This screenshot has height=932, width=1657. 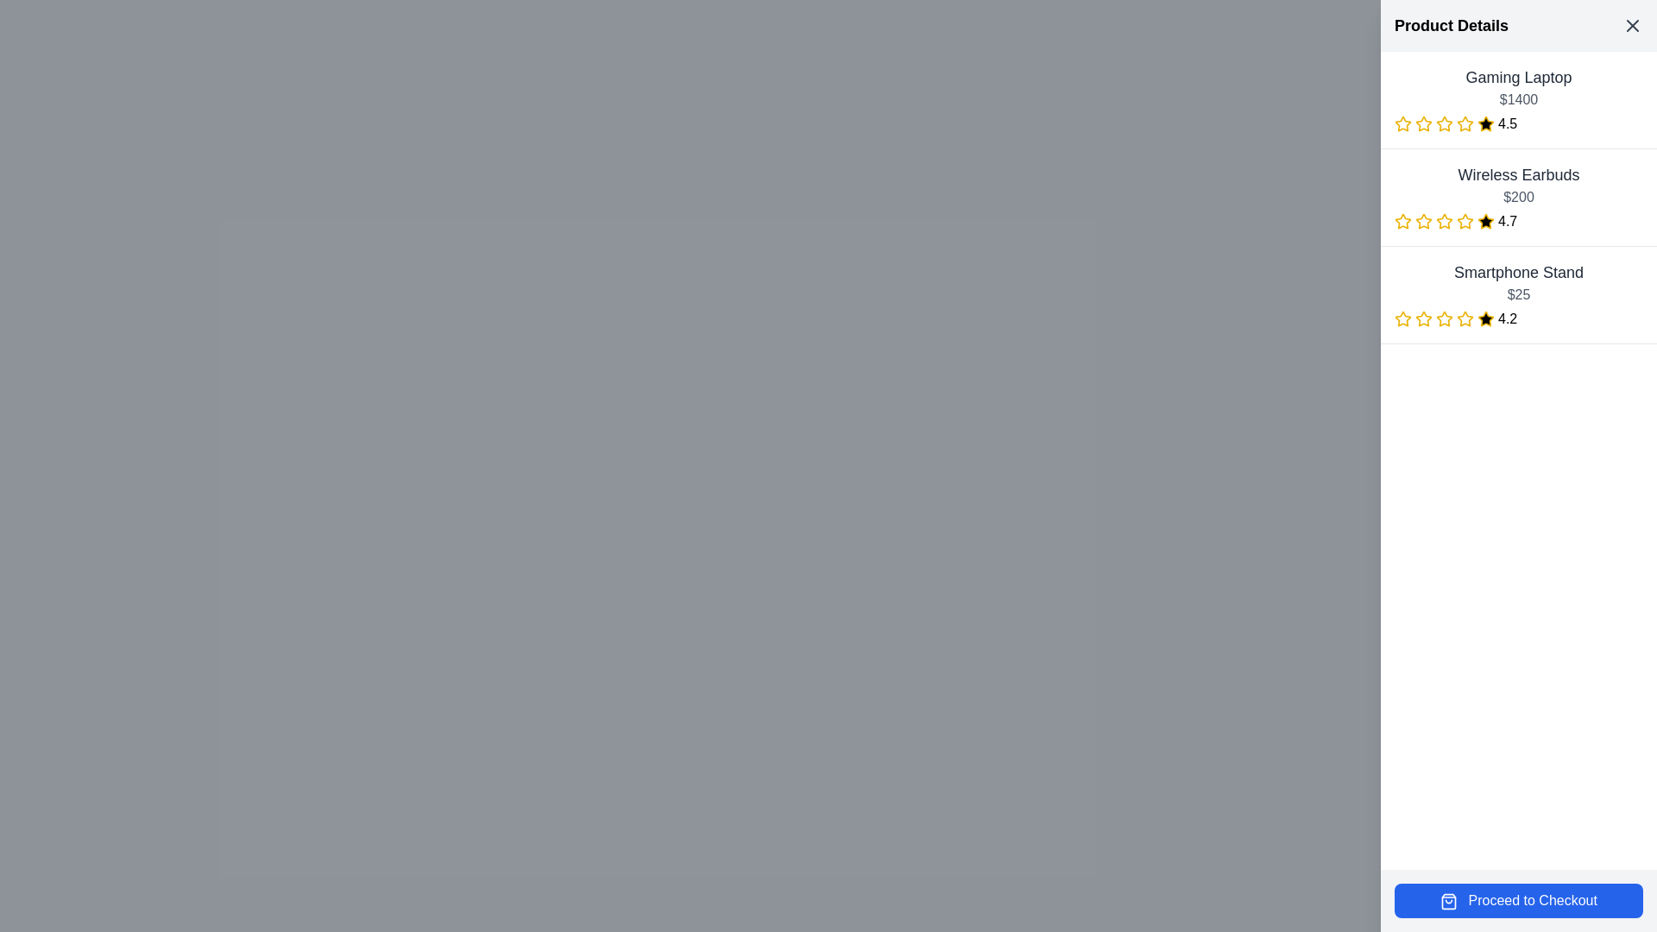 What do you see at coordinates (1519, 196) in the screenshot?
I see `the price text of the 'Wireless Earbuds' product` at bounding box center [1519, 196].